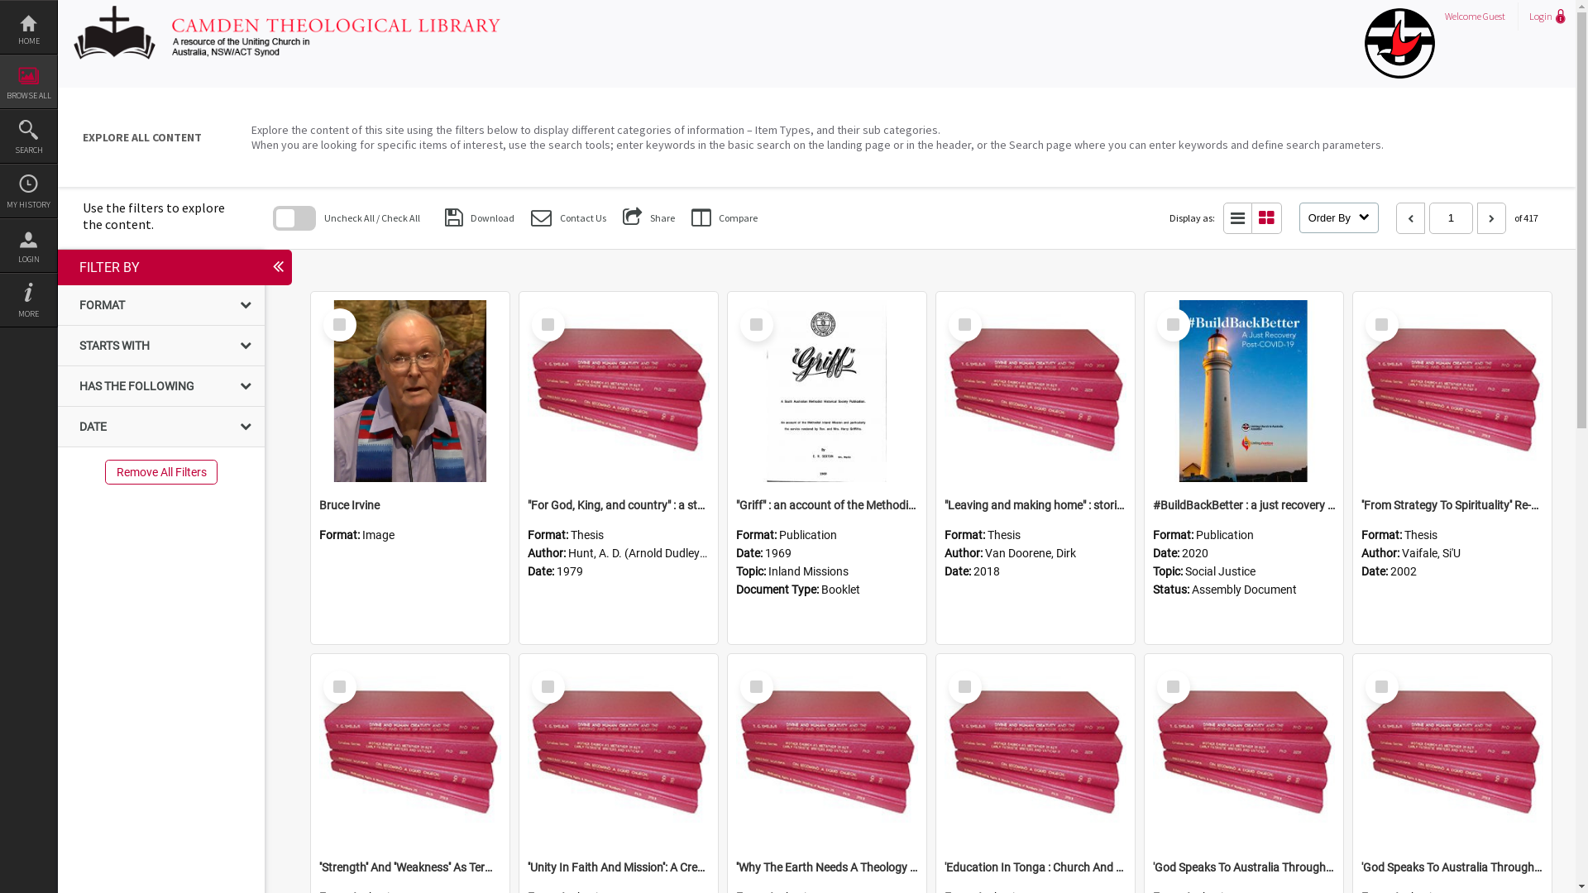  I want to click on 'HOME', so click(0, 27).